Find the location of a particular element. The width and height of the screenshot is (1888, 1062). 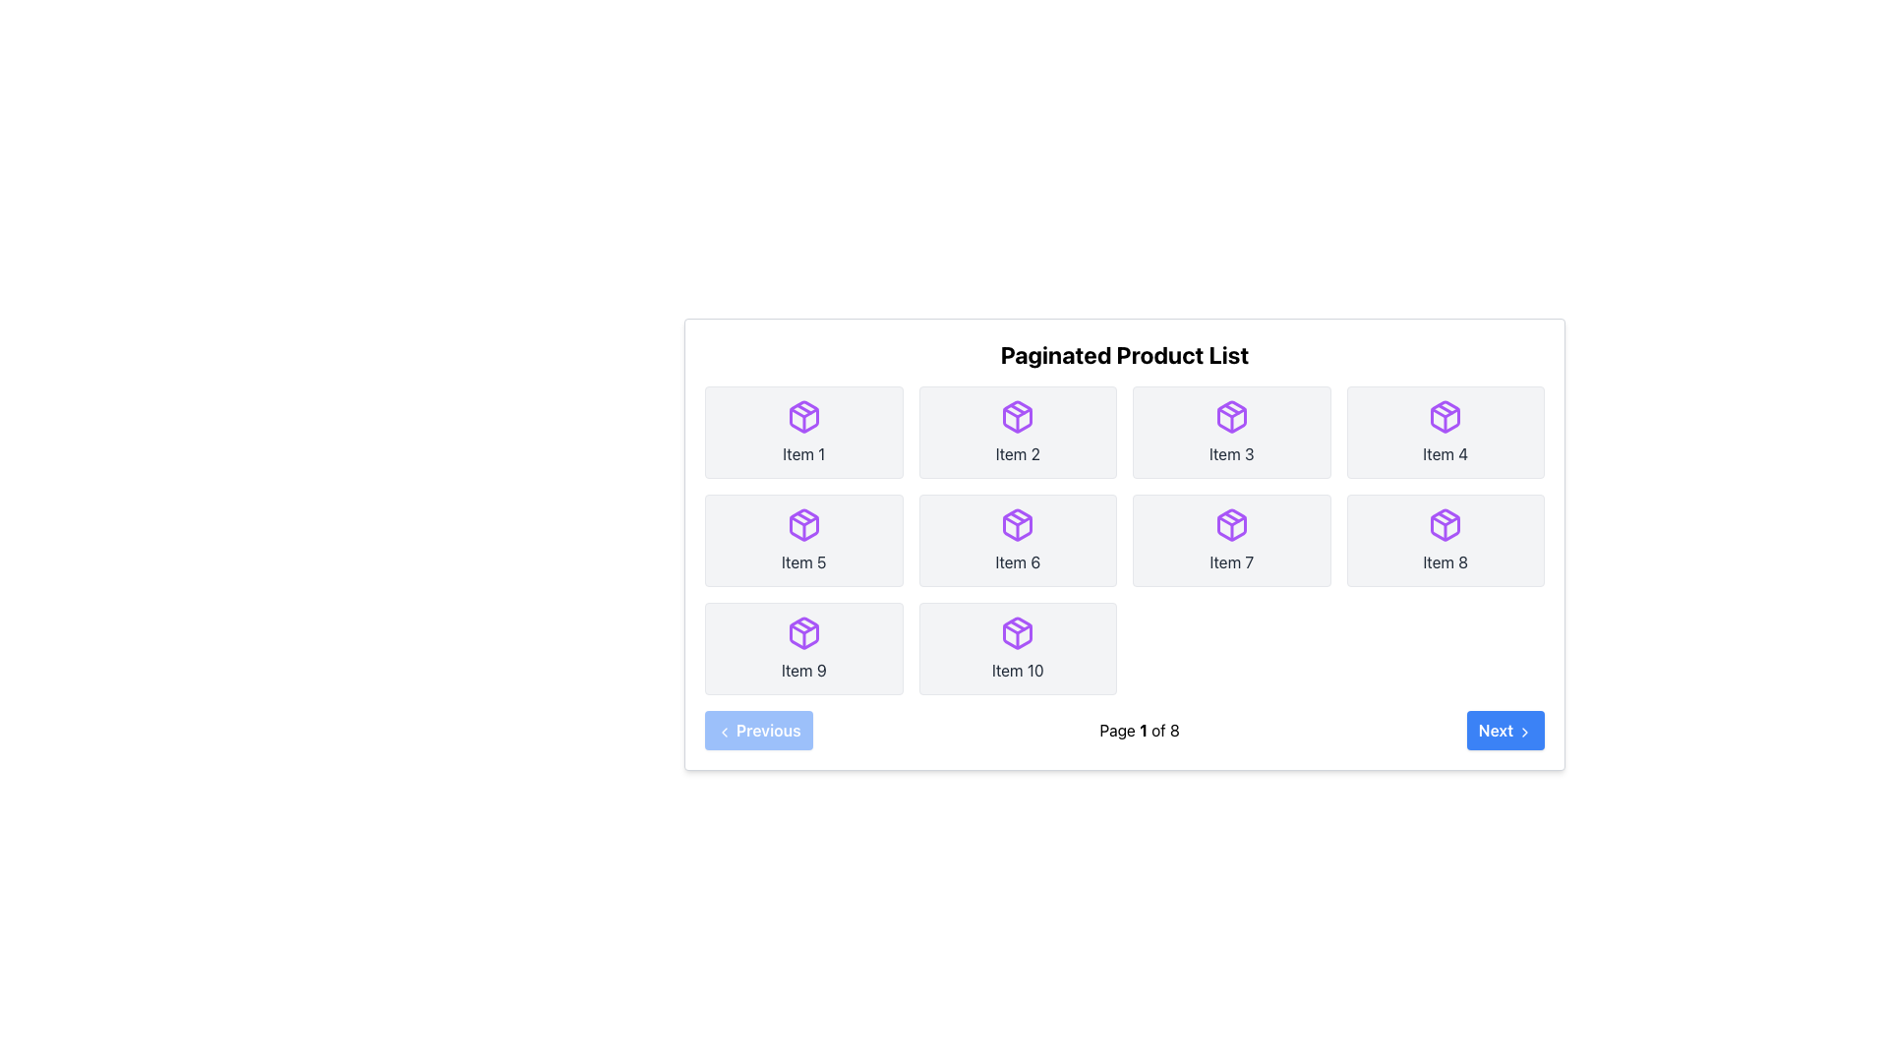

the grid item representing 'Item 10' in the bottom-right corner of the product list is located at coordinates (1018, 648).